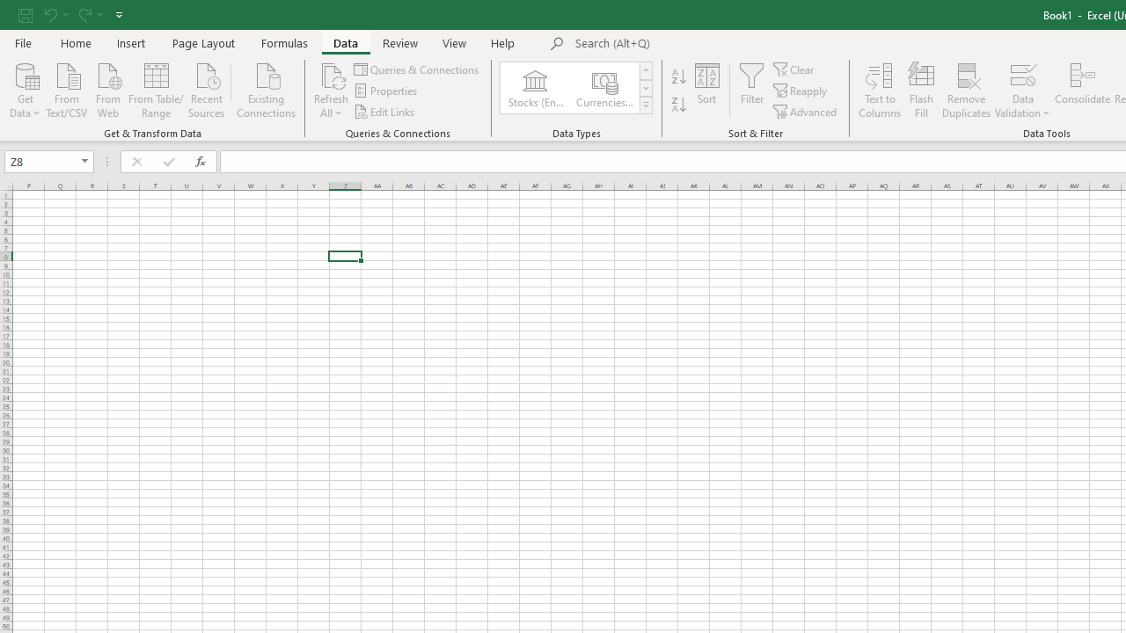  What do you see at coordinates (678, 76) in the screenshot?
I see `'Sort A to Z'` at bounding box center [678, 76].